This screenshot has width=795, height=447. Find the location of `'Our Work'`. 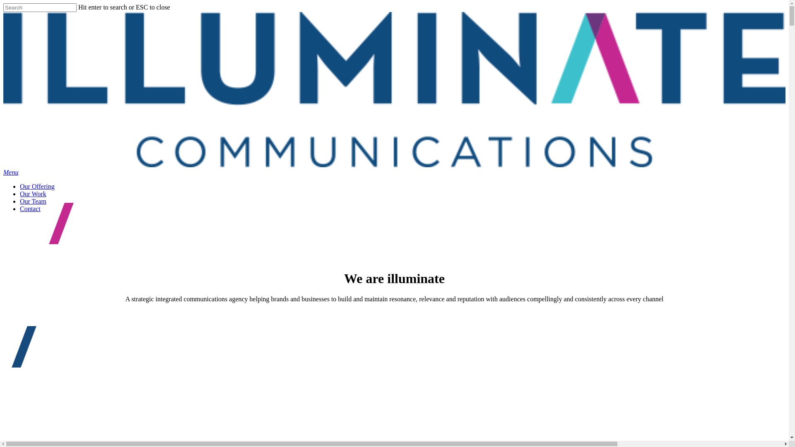

'Our Work' is located at coordinates (20, 194).